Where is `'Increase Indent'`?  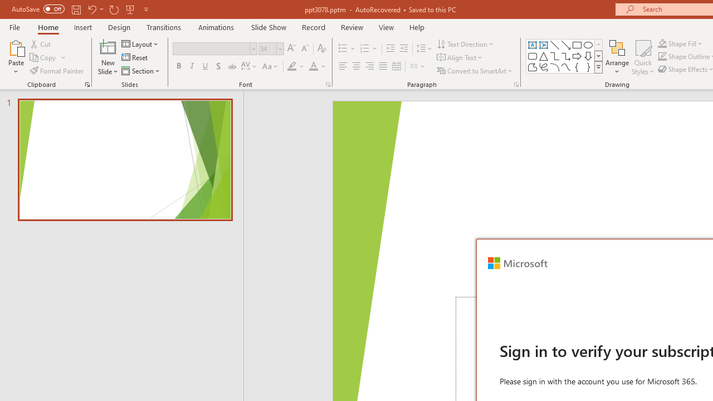
'Increase Indent' is located at coordinates (403, 48).